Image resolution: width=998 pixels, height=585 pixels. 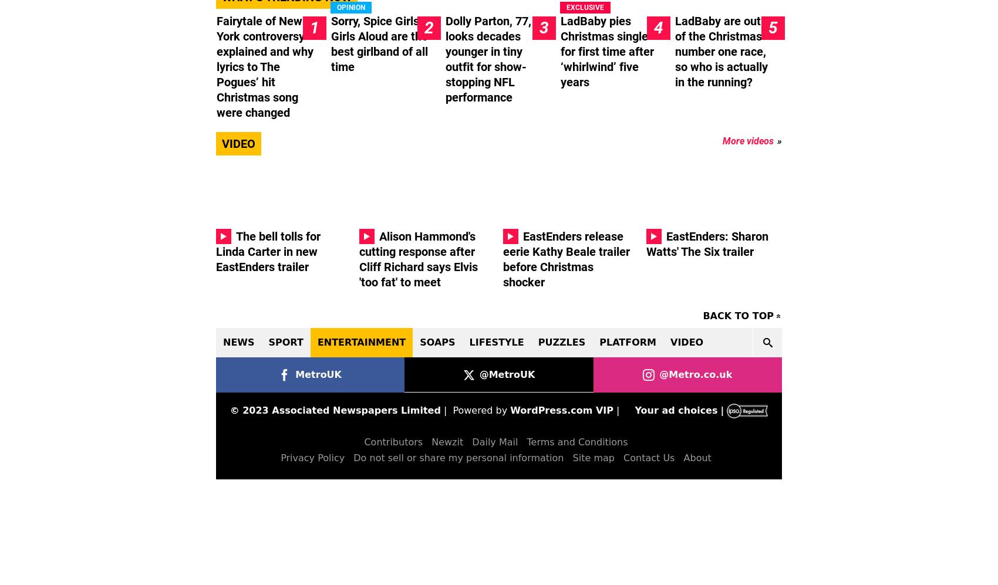 What do you see at coordinates (487, 59) in the screenshot?
I see `'Dolly Parton, 77, looks decades younger in tiny outfit for show-stopping NFL performance'` at bounding box center [487, 59].